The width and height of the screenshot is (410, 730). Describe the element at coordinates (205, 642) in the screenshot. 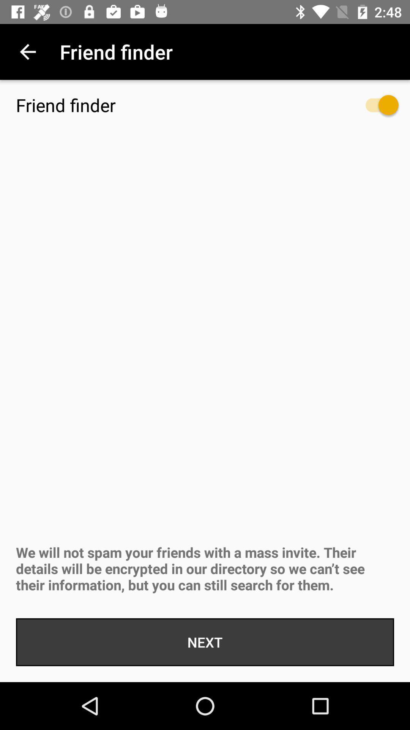

I see `the item below we will not` at that location.